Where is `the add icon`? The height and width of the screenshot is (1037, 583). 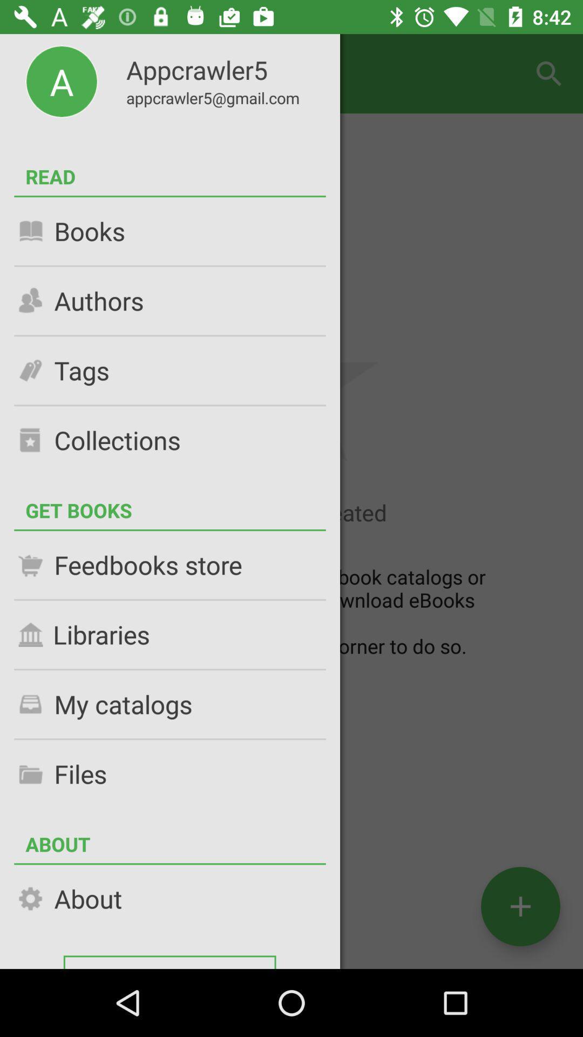 the add icon is located at coordinates (520, 906).